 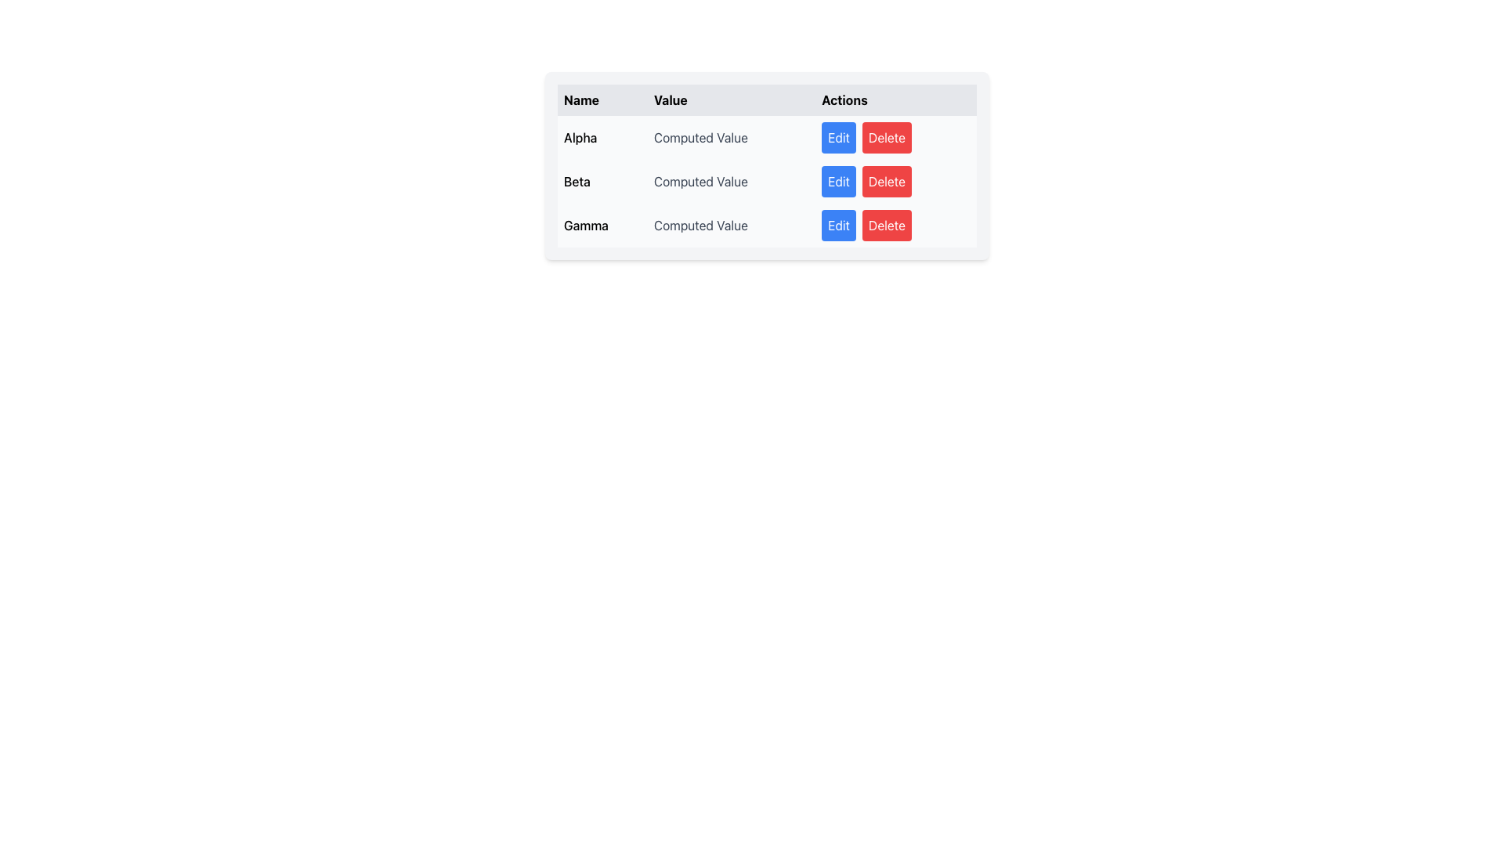 I want to click on the first button in the 'Actions' column of the second row in the table, which allows the user to edit the associated row's data, so click(x=837, y=180).